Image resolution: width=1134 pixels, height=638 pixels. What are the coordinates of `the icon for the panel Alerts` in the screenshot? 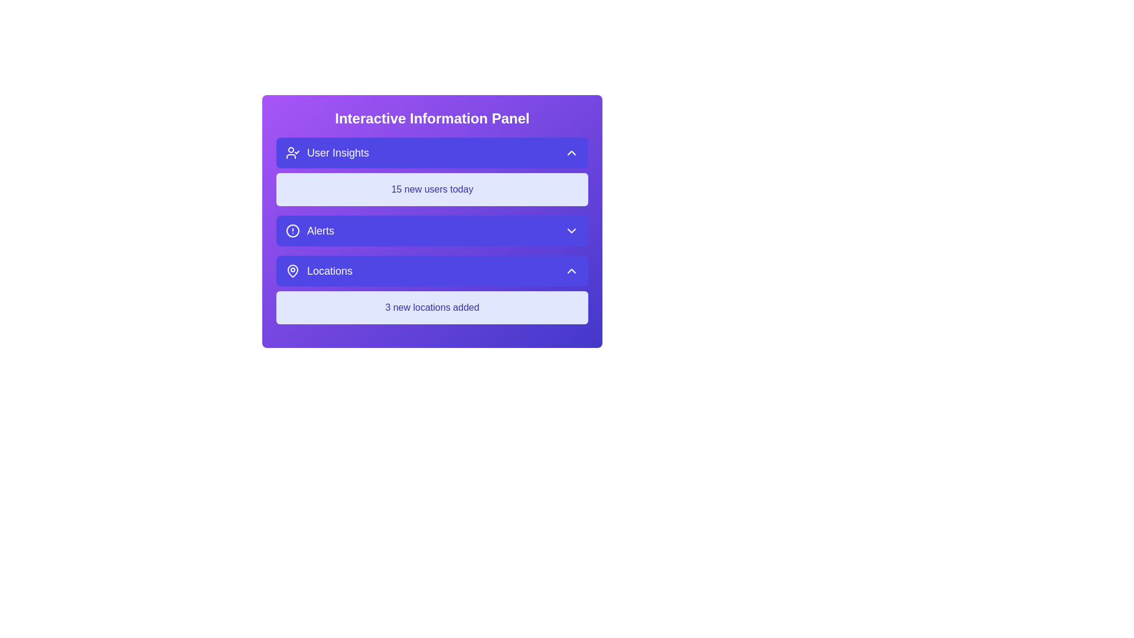 It's located at (292, 230).